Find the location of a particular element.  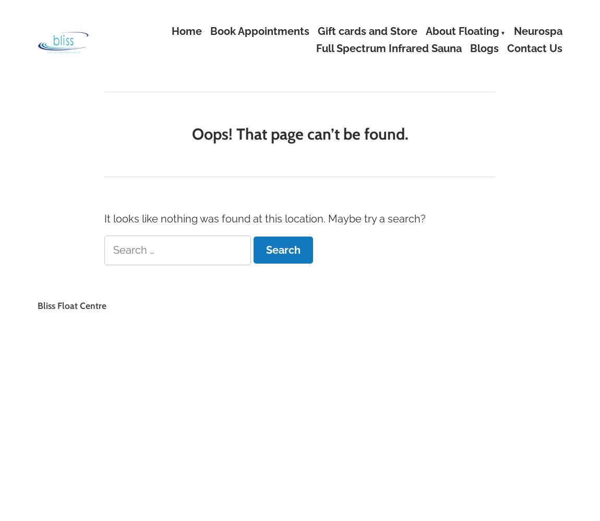

'Contact Us' is located at coordinates (534, 48).